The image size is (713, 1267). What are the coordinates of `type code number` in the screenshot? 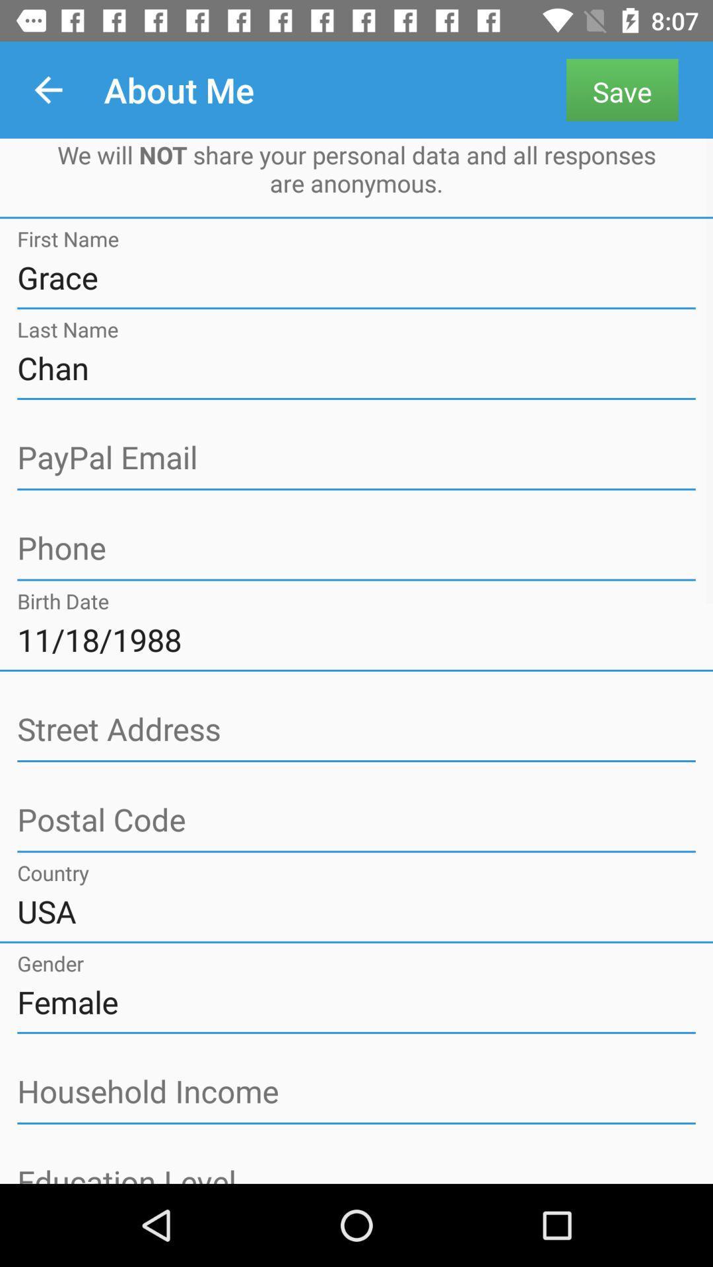 It's located at (356, 820).